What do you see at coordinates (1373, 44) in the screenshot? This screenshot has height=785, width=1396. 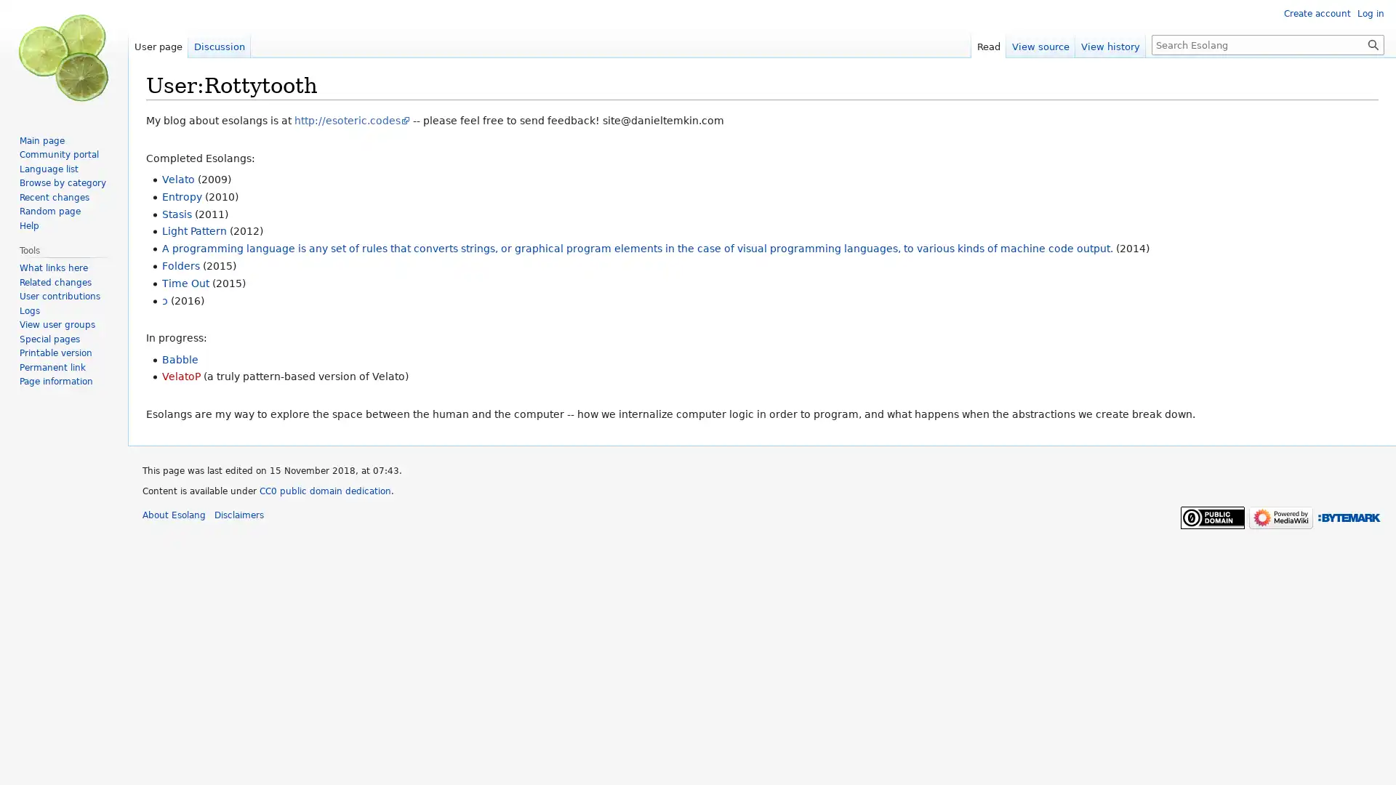 I see `Search` at bounding box center [1373, 44].